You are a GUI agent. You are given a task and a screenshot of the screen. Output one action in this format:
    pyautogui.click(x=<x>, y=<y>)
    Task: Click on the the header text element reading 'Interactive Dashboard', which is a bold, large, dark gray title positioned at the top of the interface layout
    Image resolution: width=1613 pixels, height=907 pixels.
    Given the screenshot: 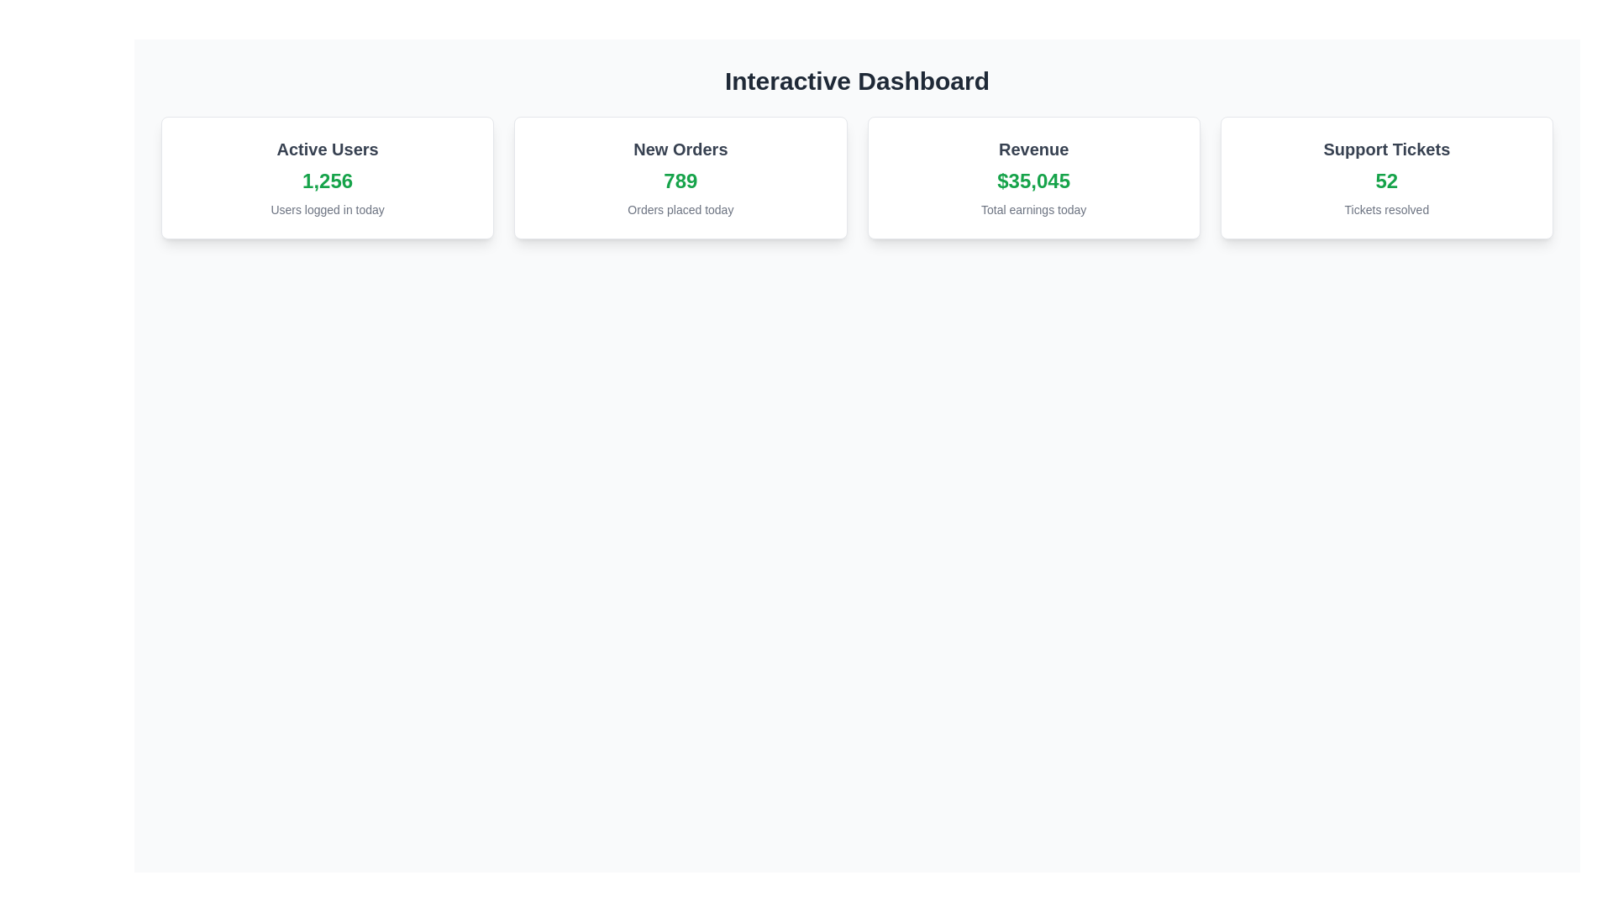 What is the action you would take?
    pyautogui.click(x=857, y=81)
    